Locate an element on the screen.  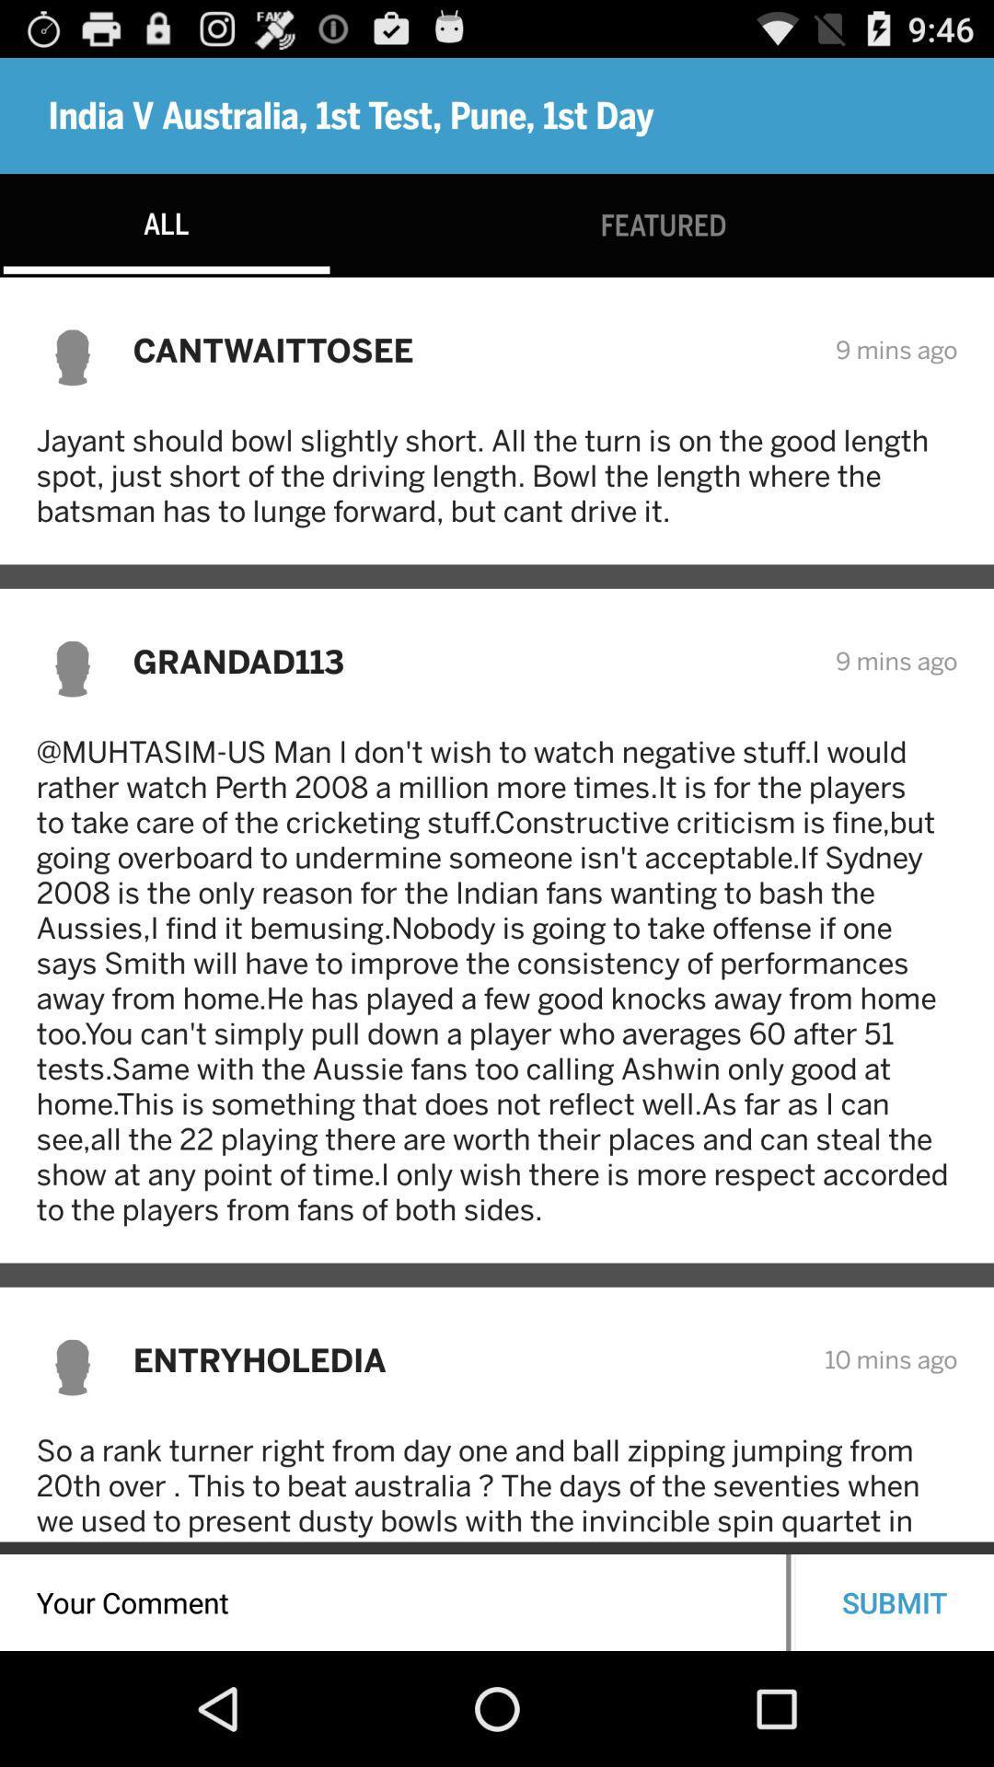
the entryholedia item is located at coordinates (466, 1359).